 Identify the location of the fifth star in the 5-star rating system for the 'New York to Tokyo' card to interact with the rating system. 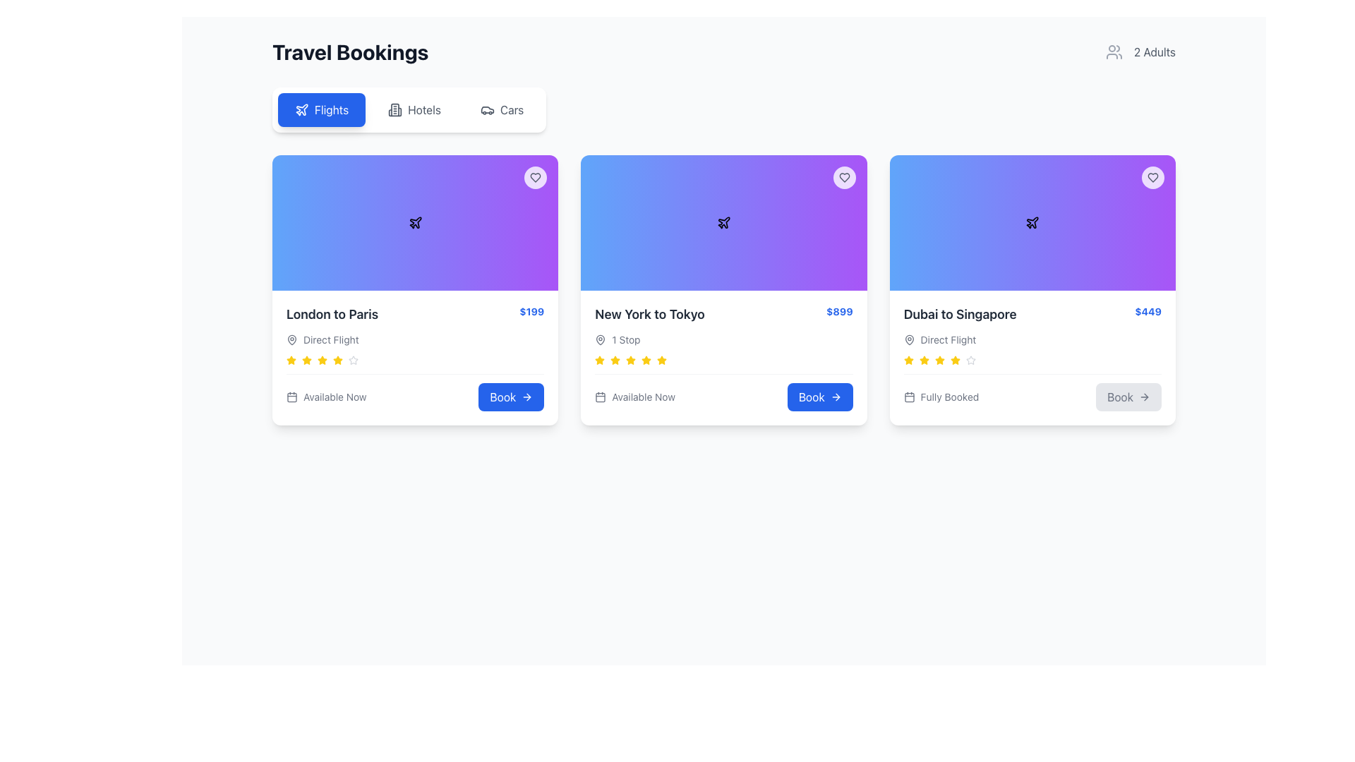
(646, 359).